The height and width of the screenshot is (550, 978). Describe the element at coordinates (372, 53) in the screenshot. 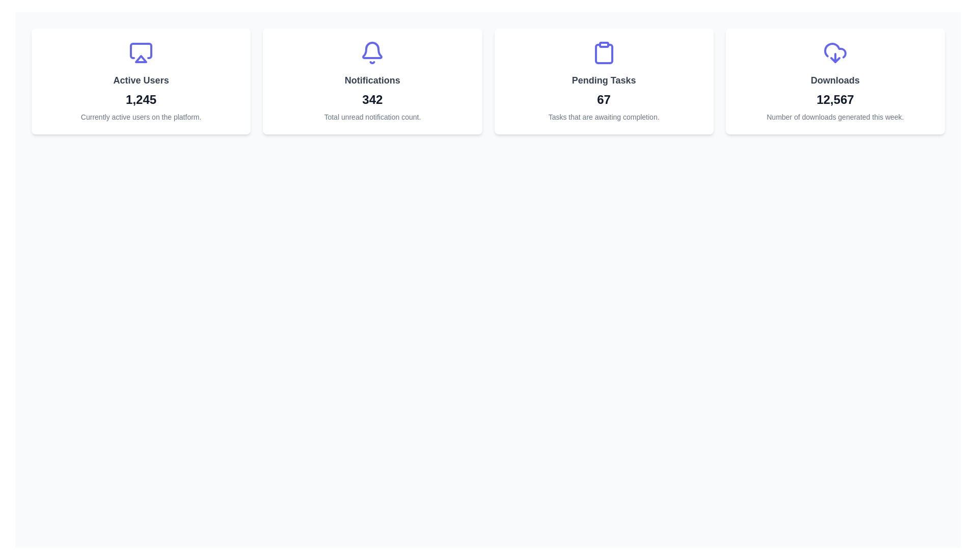

I see `the bell icon which is filled with blue color and has a stroke outline, located at the center of the Notifications card above the 'Notifications' label` at that location.